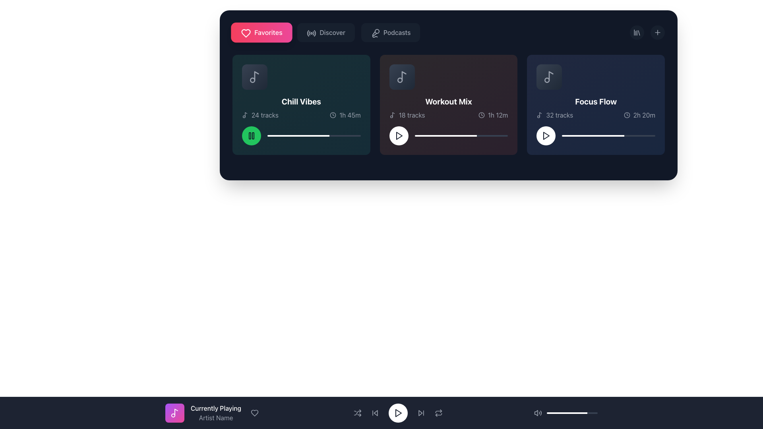 This screenshot has width=763, height=429. I want to click on the playback control button located at the bottom of the interface to initiate playback or pause the currently playing content, so click(398, 413).